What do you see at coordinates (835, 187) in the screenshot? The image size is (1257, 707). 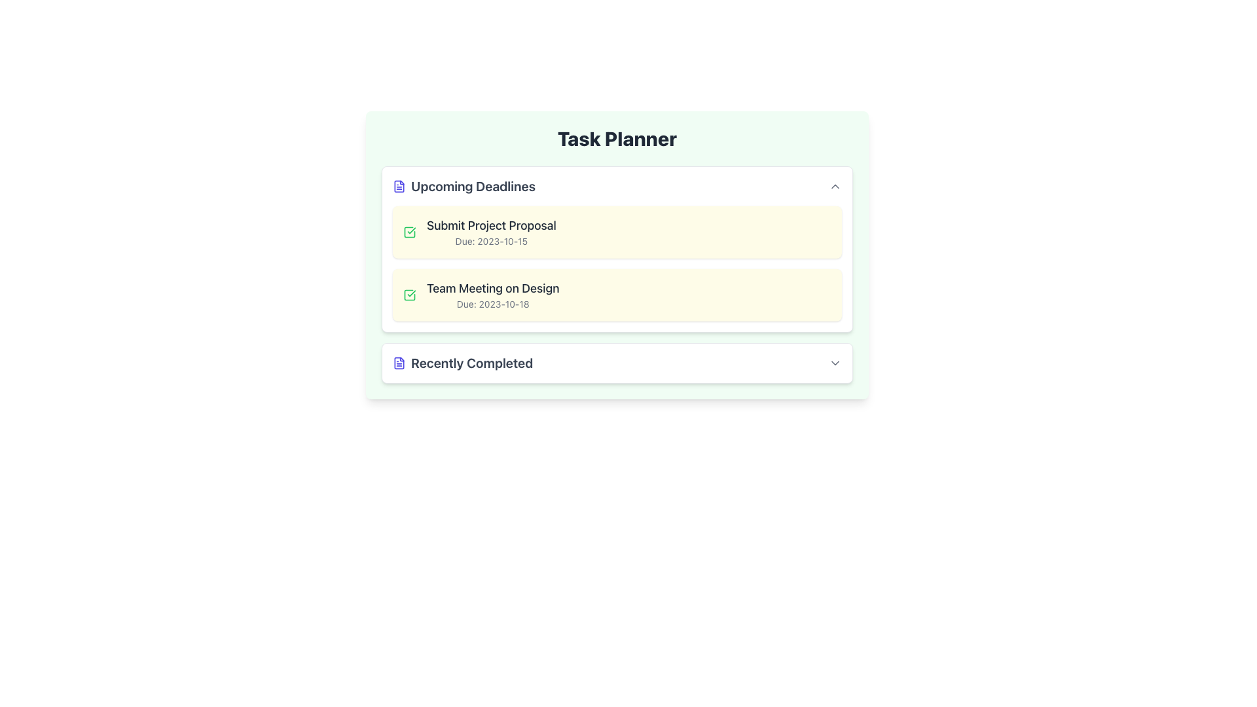 I see `the Chevron icon located to the right of the 'Upcoming Deadlines' text` at bounding box center [835, 187].